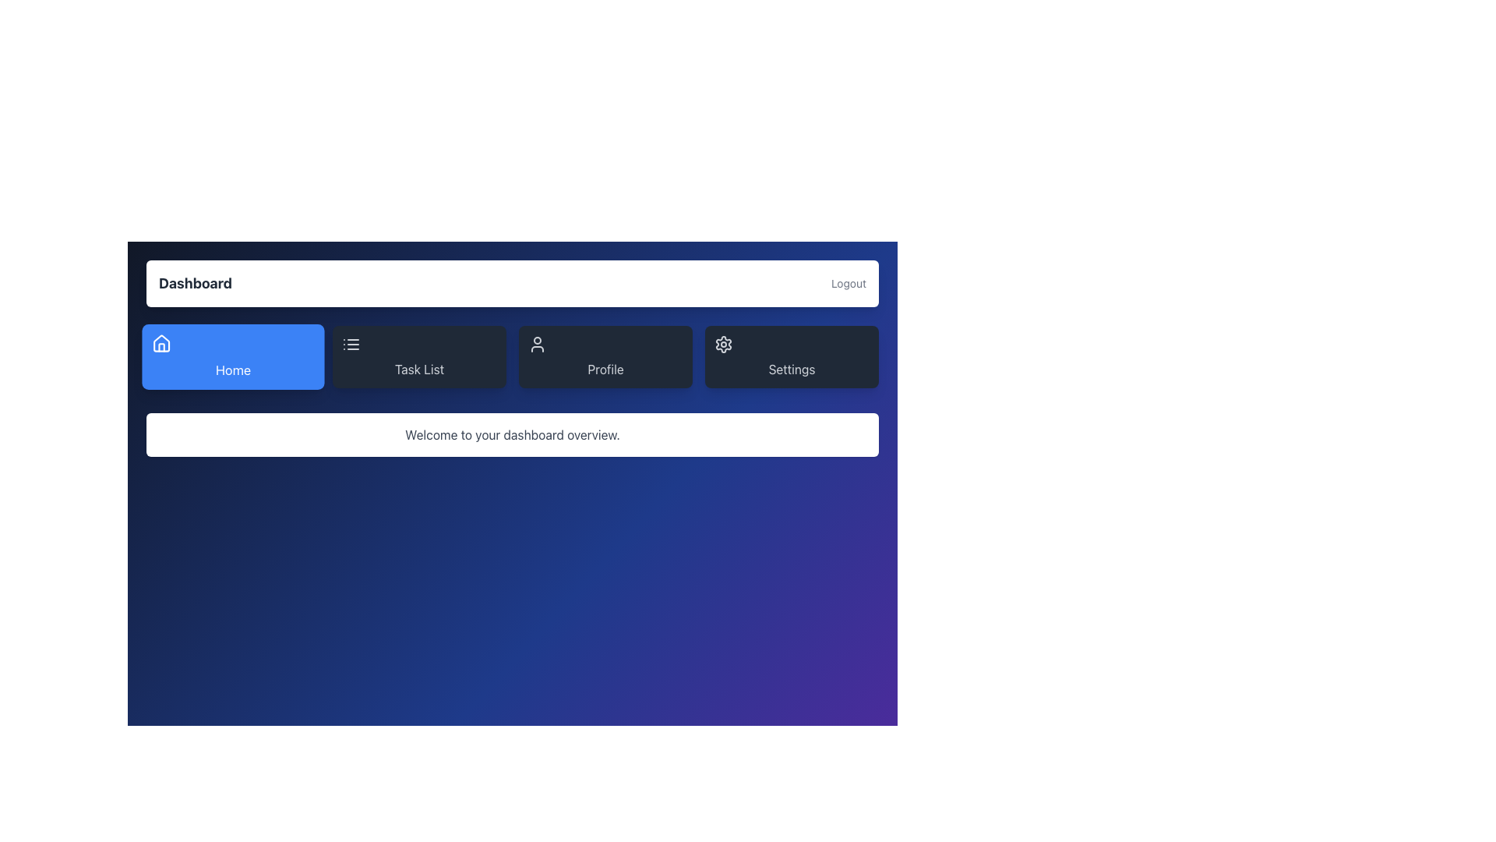 The image size is (1496, 842). Describe the element at coordinates (723, 344) in the screenshot. I see `the gear-shaped icon located at the right most side of the horizontal navigation menu` at that location.